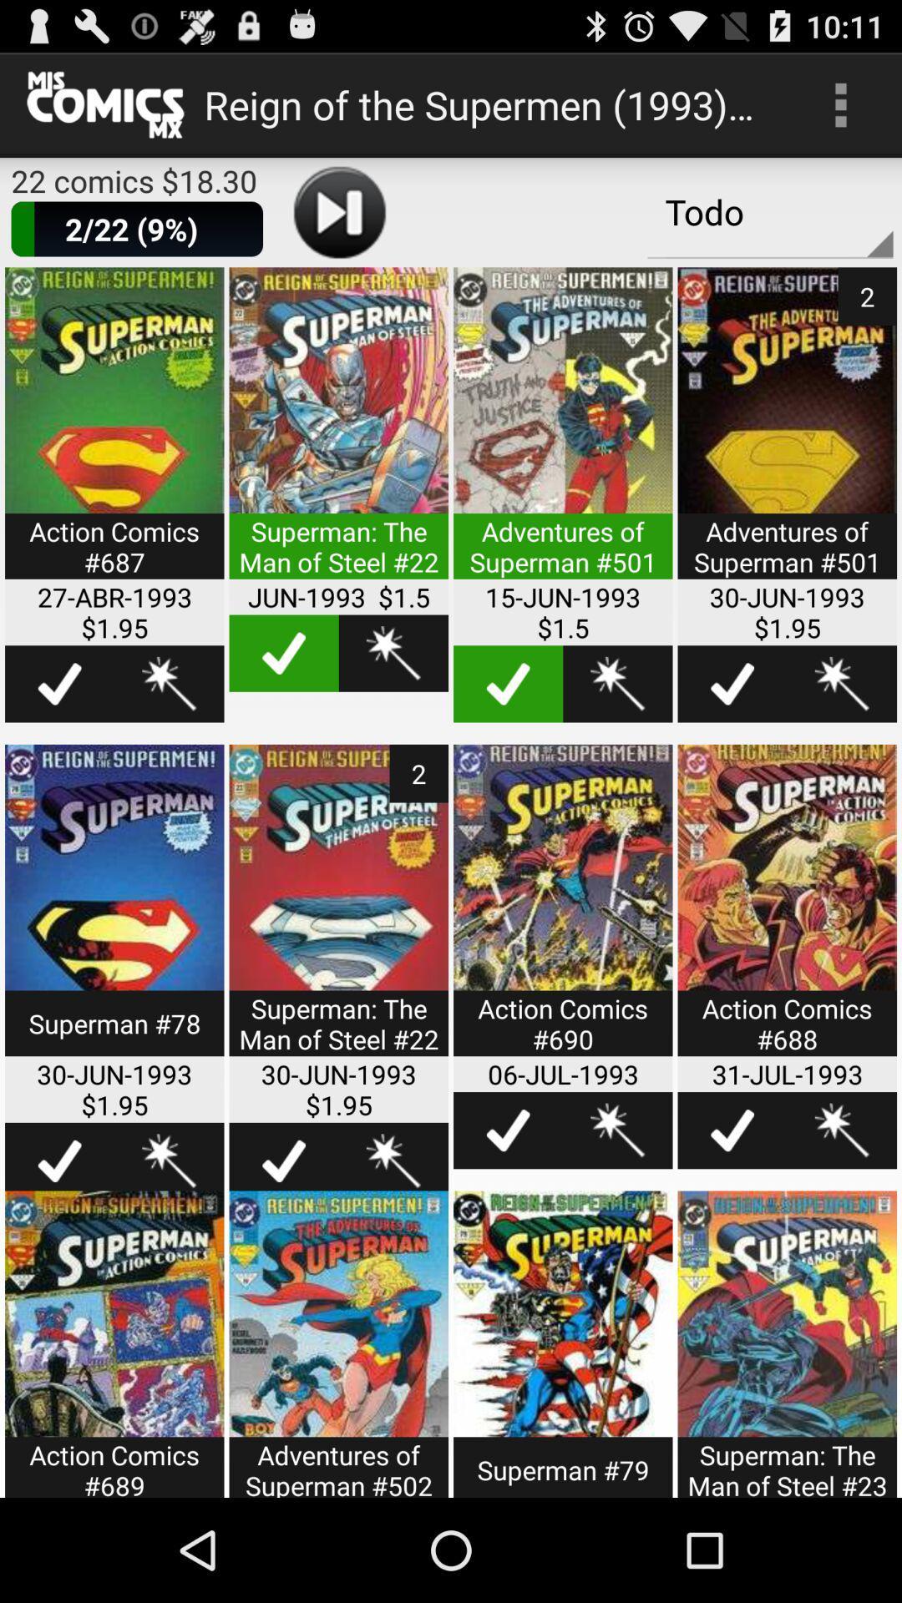 The width and height of the screenshot is (902, 1603). I want to click on to wishlist, so click(617, 1130).